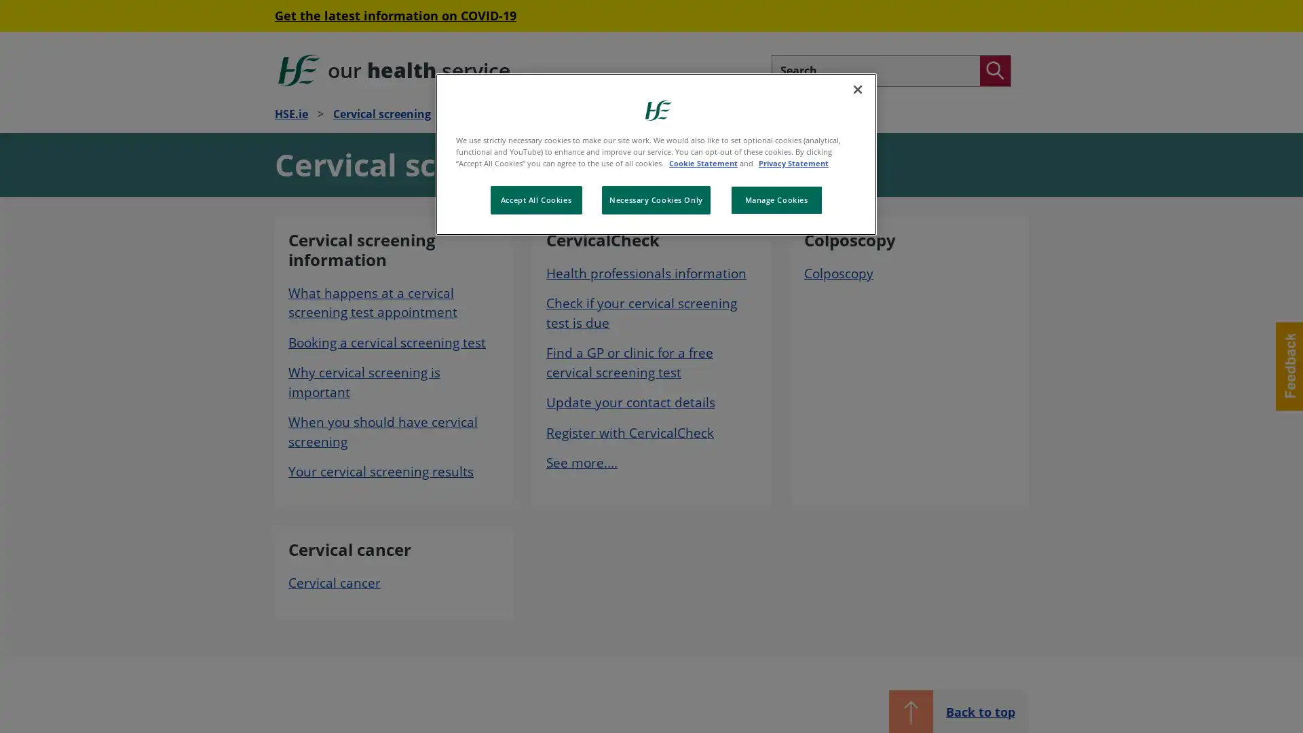 Image resolution: width=1303 pixels, height=733 pixels. Describe the element at coordinates (656, 200) in the screenshot. I see `Necessary Cookies Only` at that location.